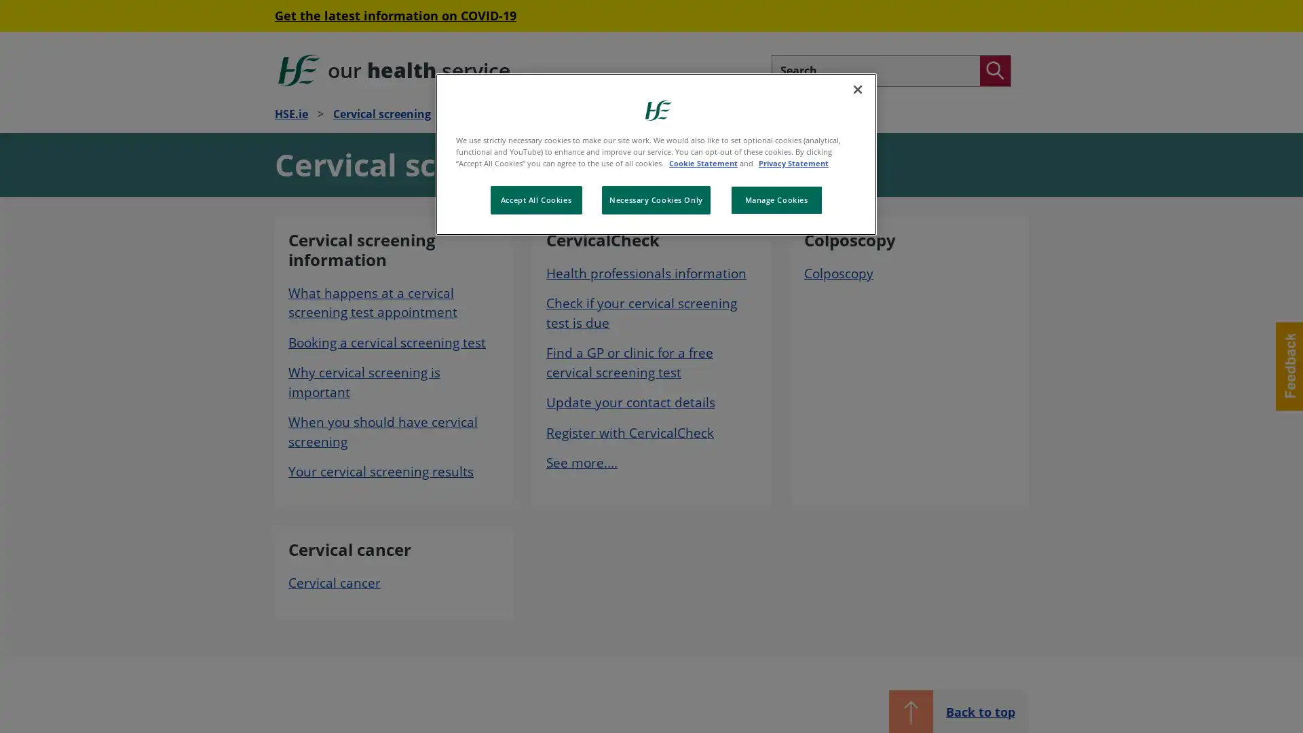 Image resolution: width=1303 pixels, height=733 pixels. Describe the element at coordinates (656, 200) in the screenshot. I see `Necessary Cookies Only` at that location.